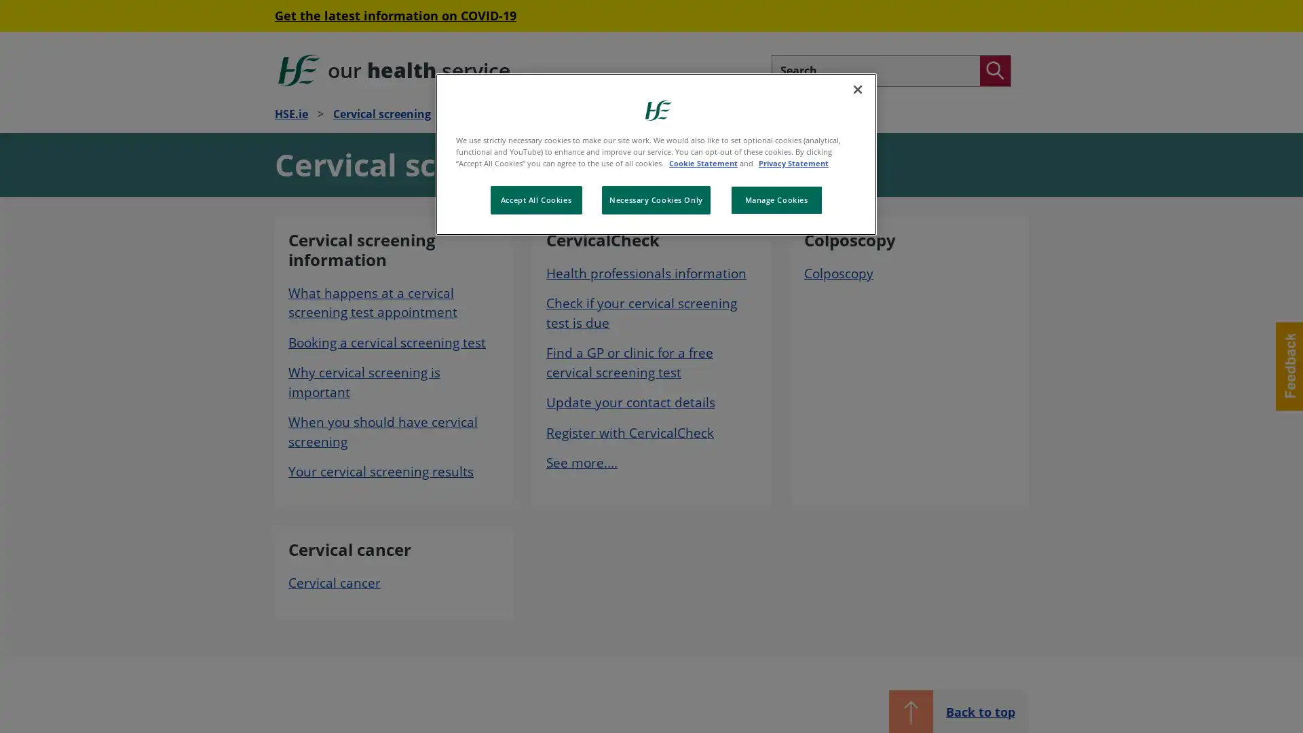 Image resolution: width=1303 pixels, height=733 pixels. Describe the element at coordinates (656, 200) in the screenshot. I see `Necessary Cookies Only` at that location.